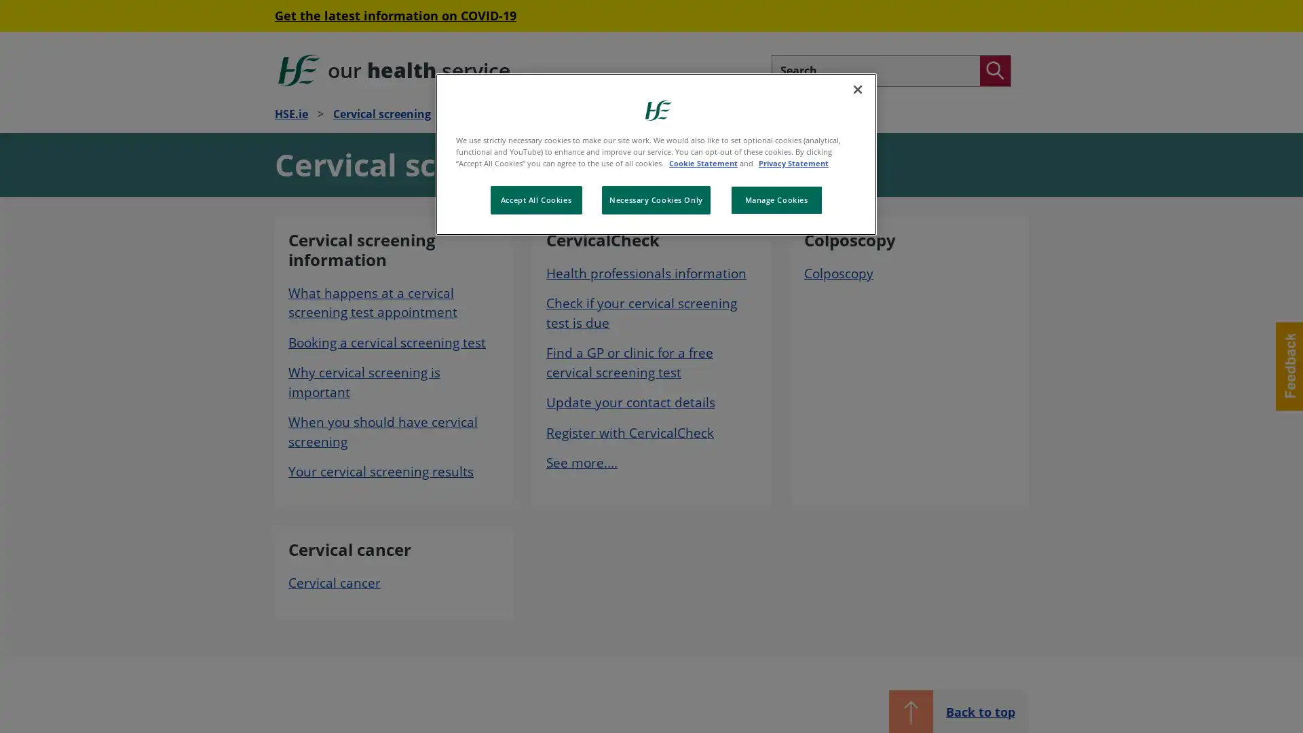 Image resolution: width=1303 pixels, height=733 pixels. Describe the element at coordinates (656, 200) in the screenshot. I see `Necessary Cookies Only` at that location.